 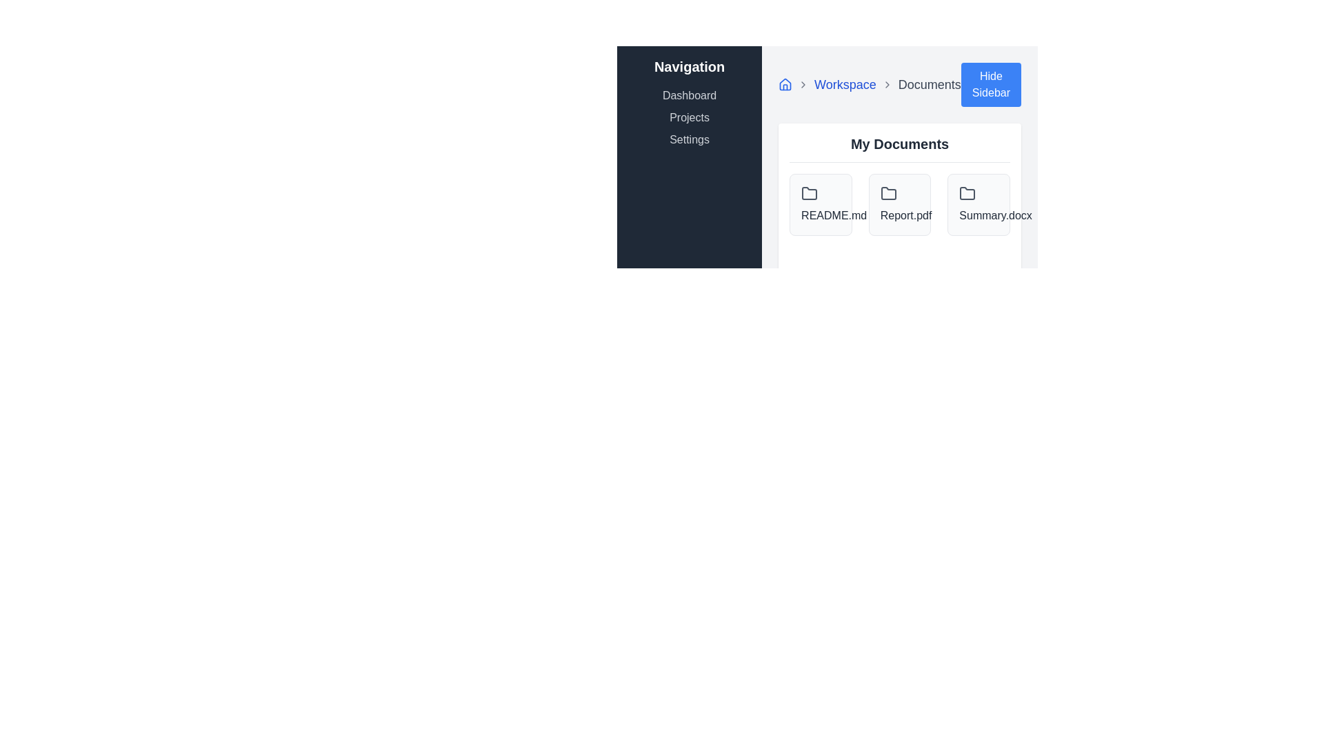 I want to click on the Text Label that serves as a header for the documents section, providing contextual information about the content below it, so click(x=900, y=143).